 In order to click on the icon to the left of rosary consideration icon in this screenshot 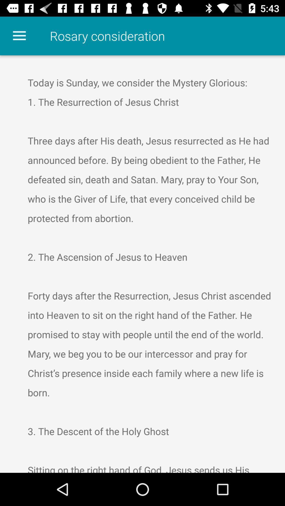, I will do `click(19, 36)`.